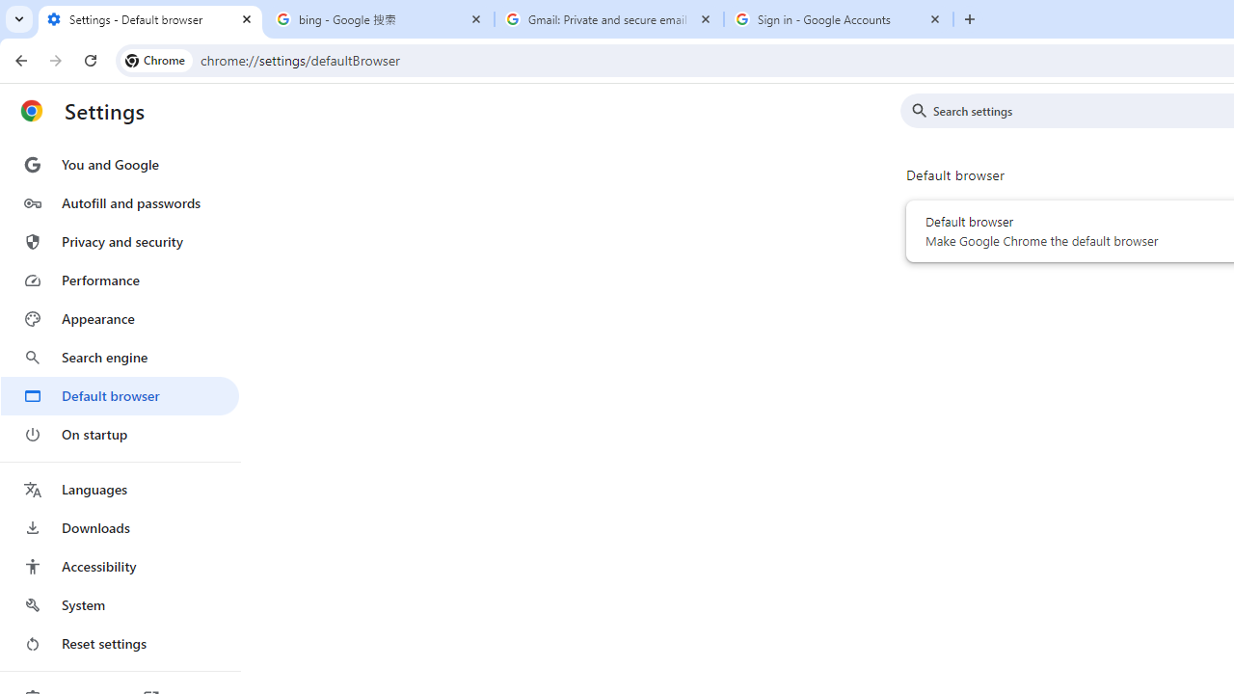 The image size is (1234, 694). Describe the element at coordinates (119, 280) in the screenshot. I see `'Performance'` at that location.